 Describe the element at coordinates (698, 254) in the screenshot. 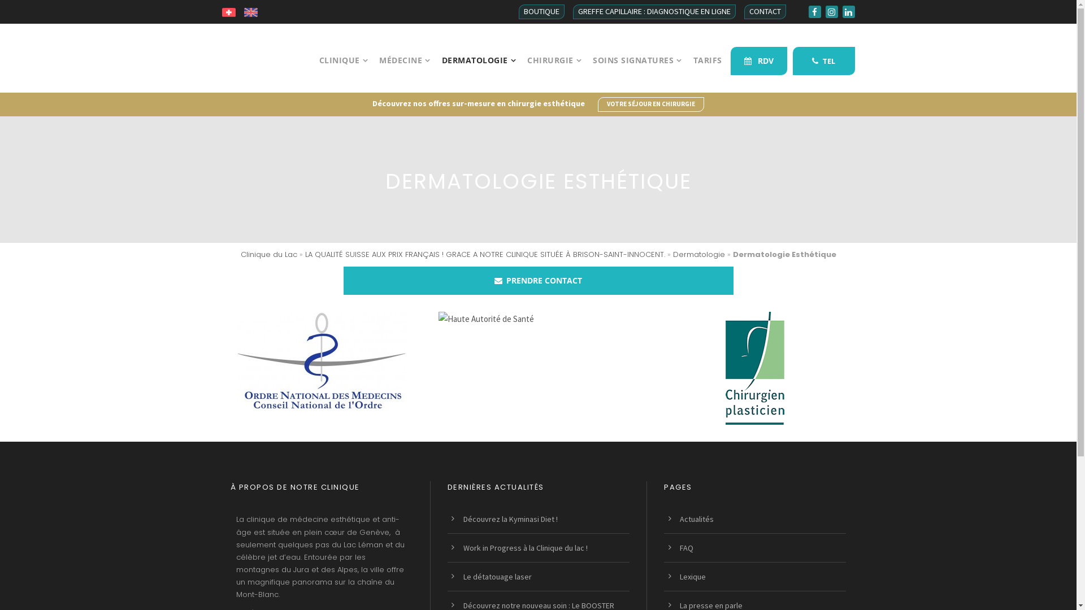

I see `'Dermatologie'` at that location.